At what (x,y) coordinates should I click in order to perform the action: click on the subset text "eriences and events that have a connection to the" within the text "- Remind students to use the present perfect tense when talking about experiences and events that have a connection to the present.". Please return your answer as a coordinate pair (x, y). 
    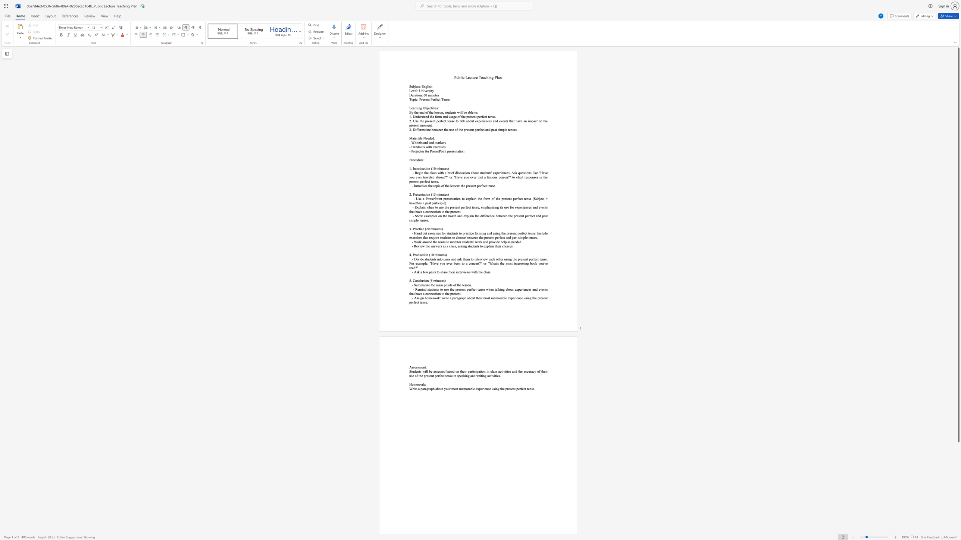
    Looking at the image, I should click on (519, 289).